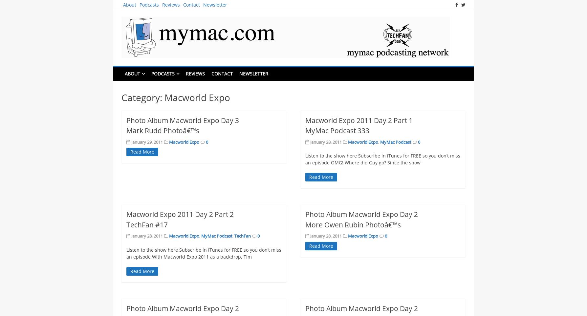 The image size is (587, 316). I want to click on 'Macworld Expo 2011 Day 2 Part 2', so click(180, 214).